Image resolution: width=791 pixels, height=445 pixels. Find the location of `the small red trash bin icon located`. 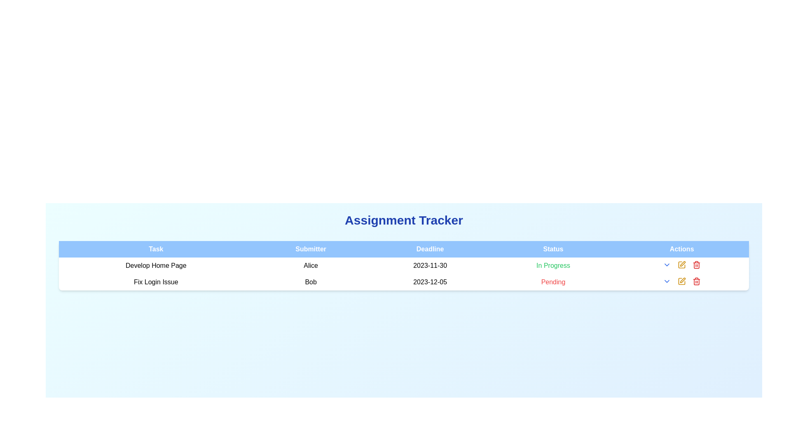

the small red trash bin icon located is located at coordinates (696, 281).